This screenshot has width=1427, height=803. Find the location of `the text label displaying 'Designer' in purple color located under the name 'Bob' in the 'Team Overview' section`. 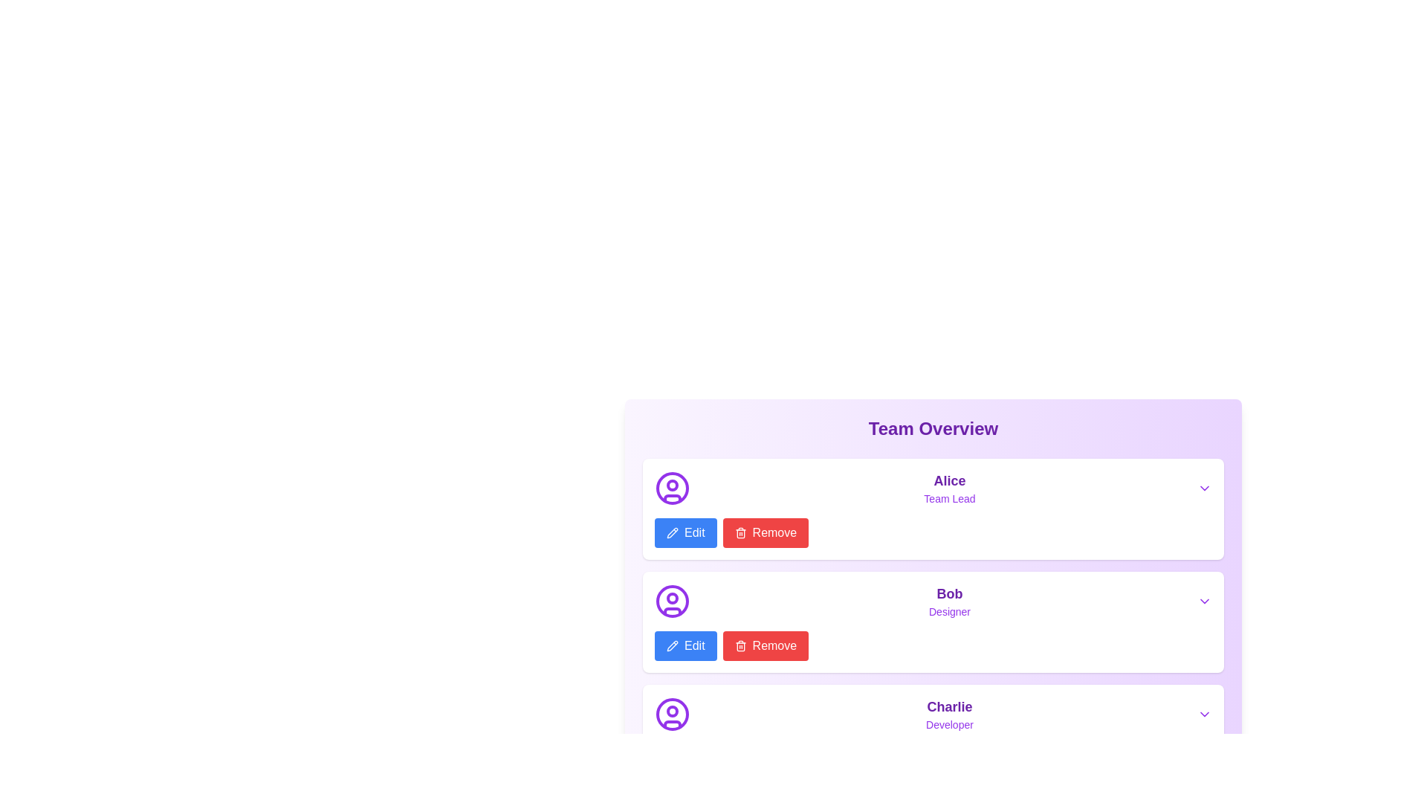

the text label displaying 'Designer' in purple color located under the name 'Bob' in the 'Team Overview' section is located at coordinates (948, 611).